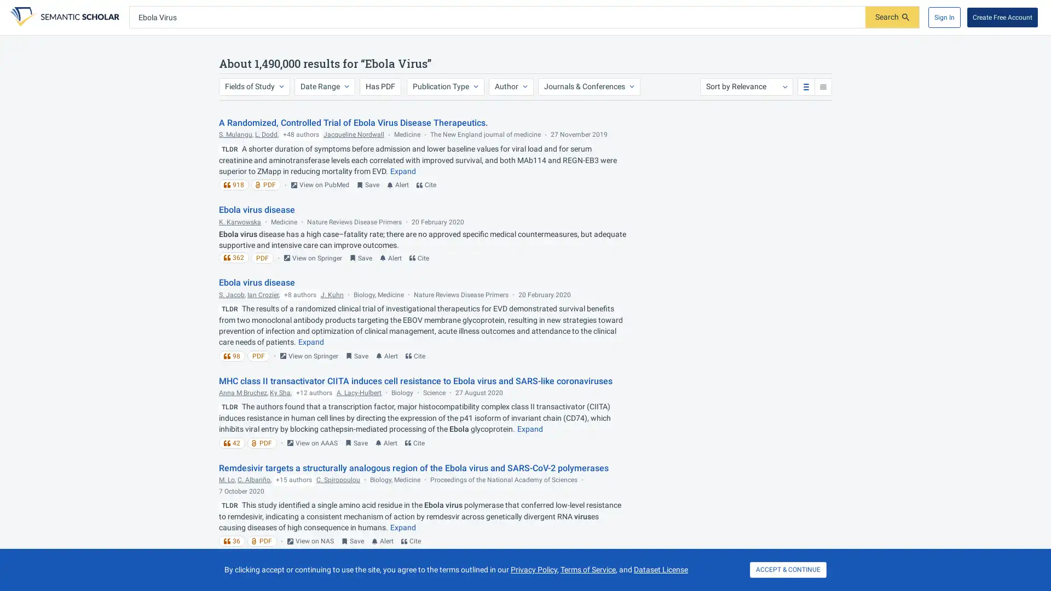  Describe the element at coordinates (588, 86) in the screenshot. I see `Journals & Conferences` at that location.